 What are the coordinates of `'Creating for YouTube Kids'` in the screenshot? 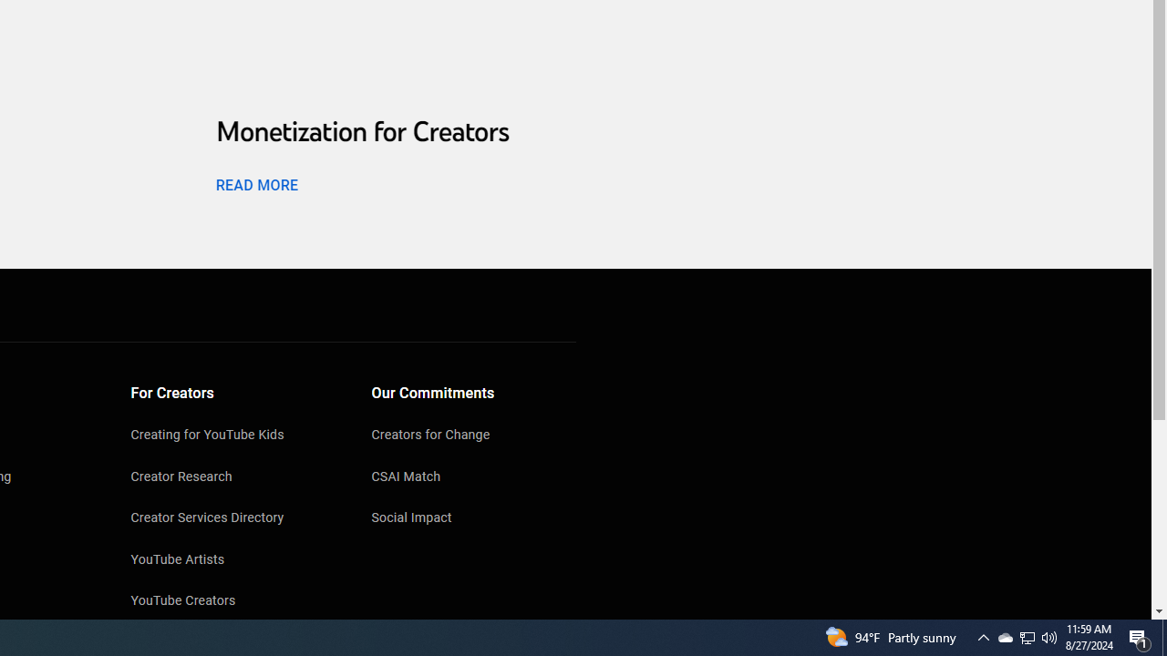 It's located at (232, 436).